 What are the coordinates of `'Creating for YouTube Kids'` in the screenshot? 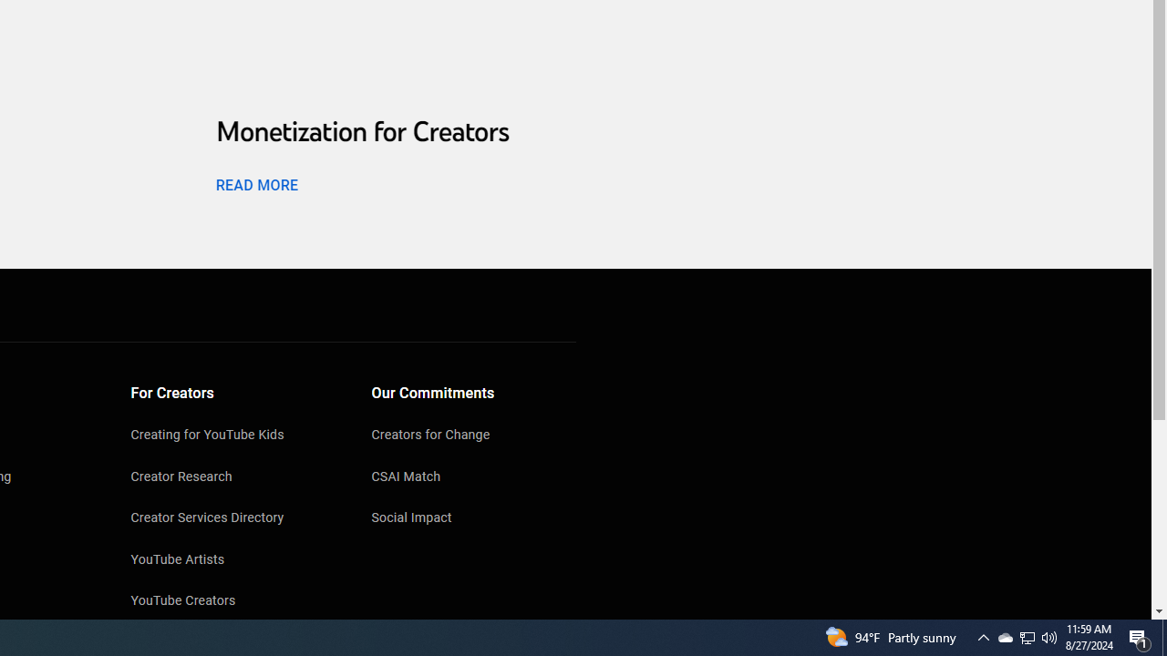 It's located at (232, 436).